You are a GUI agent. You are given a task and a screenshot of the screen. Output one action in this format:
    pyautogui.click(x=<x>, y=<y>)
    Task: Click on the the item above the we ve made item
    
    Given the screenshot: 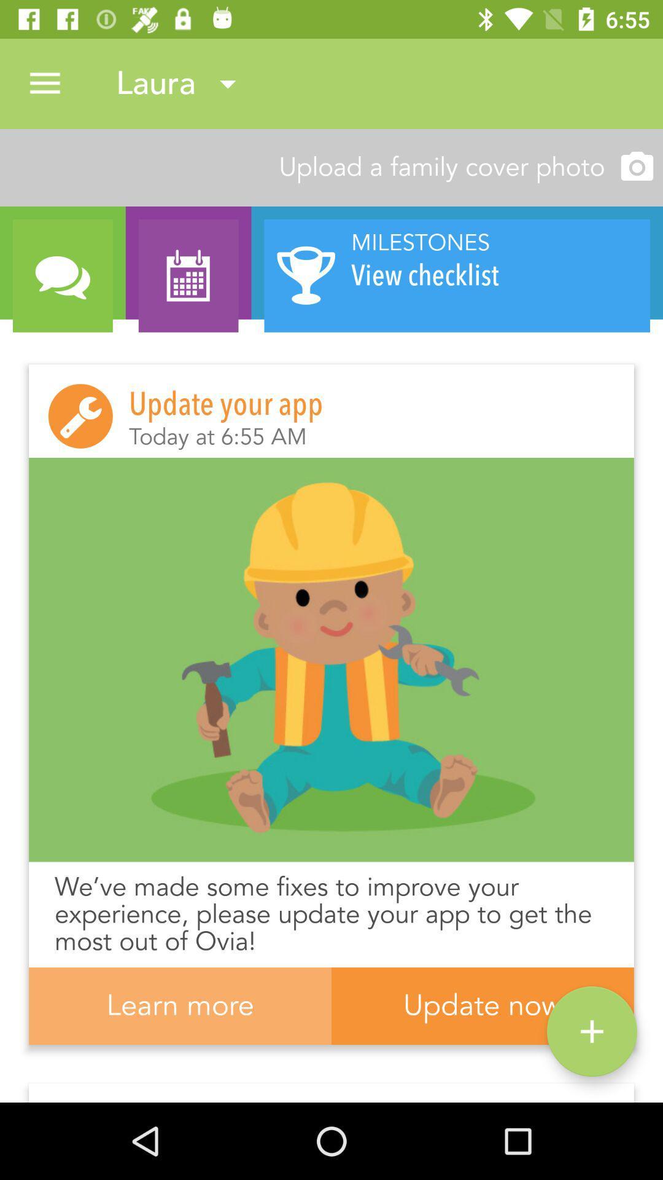 What is the action you would take?
    pyautogui.click(x=331, y=659)
    